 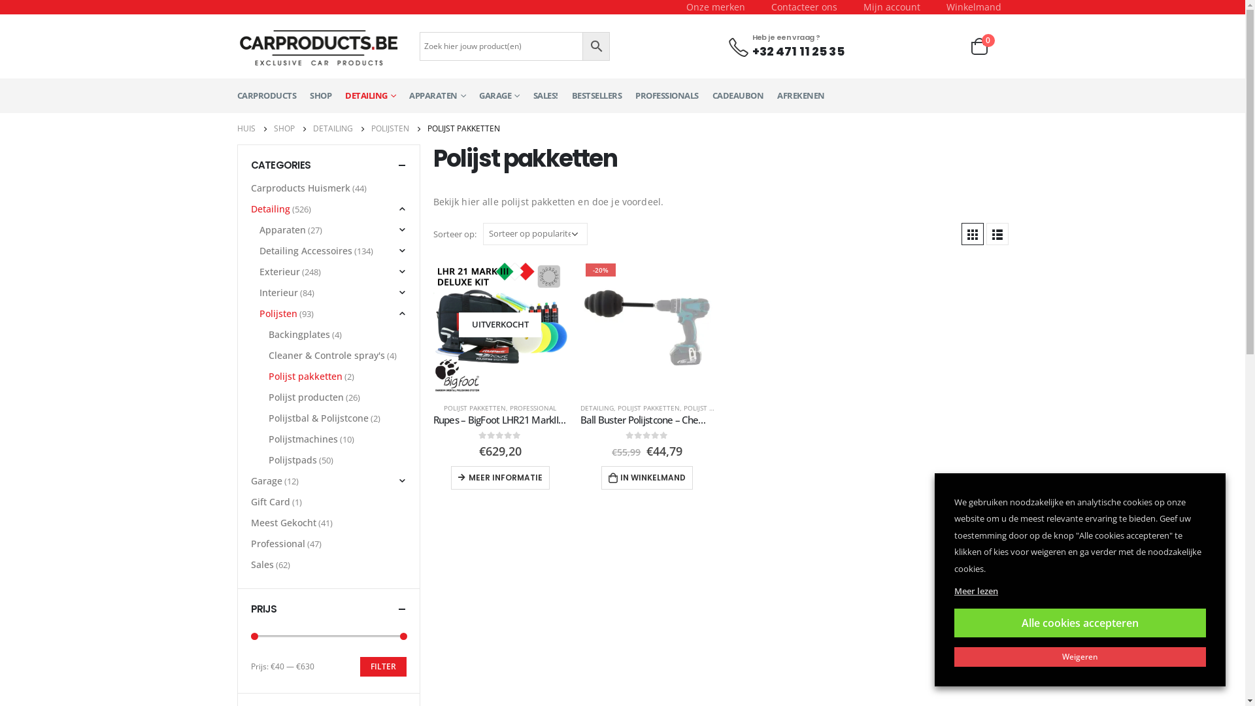 I want to click on 'Sales', so click(x=261, y=564).